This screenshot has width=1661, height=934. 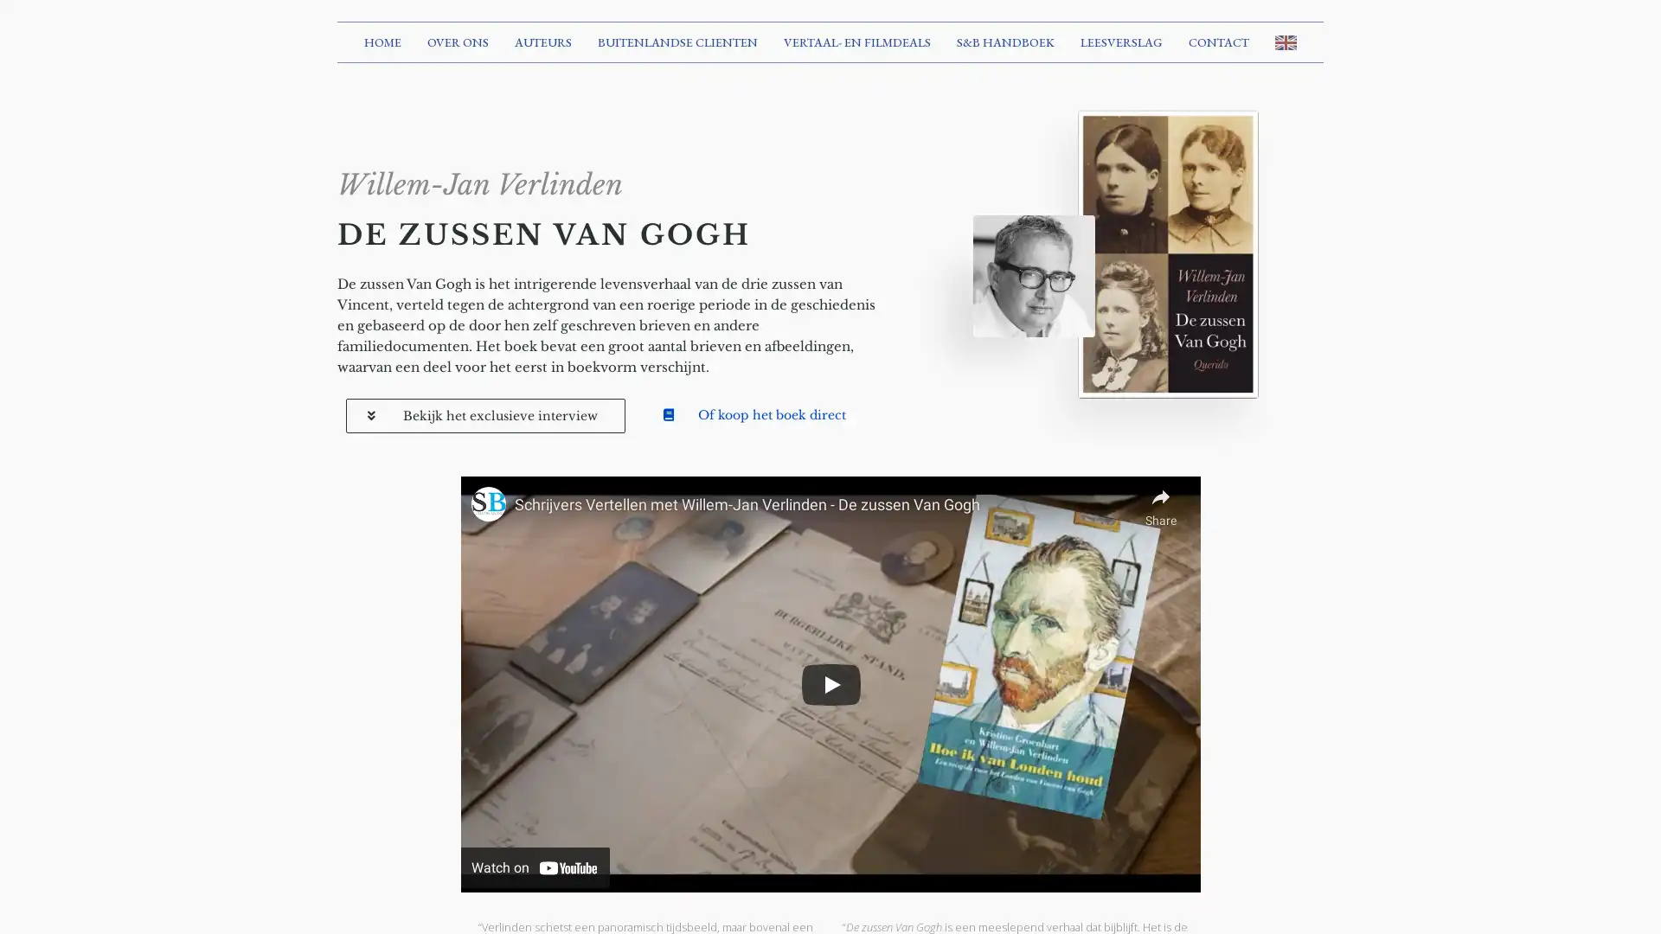 What do you see at coordinates (484, 416) in the screenshot?
I see `Bekijk het exclusieve interview` at bounding box center [484, 416].